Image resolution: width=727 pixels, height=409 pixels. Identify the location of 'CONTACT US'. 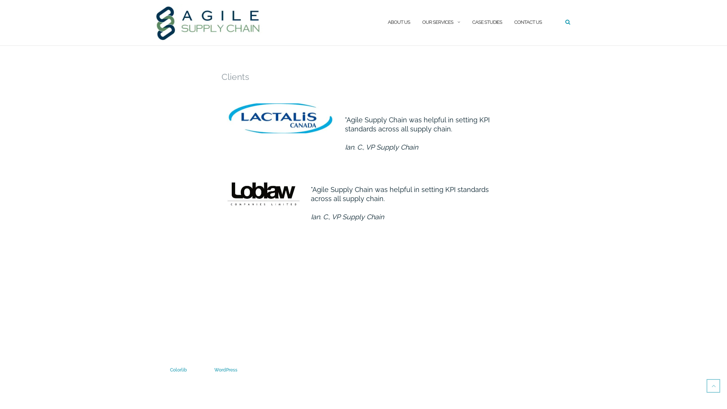
(527, 22).